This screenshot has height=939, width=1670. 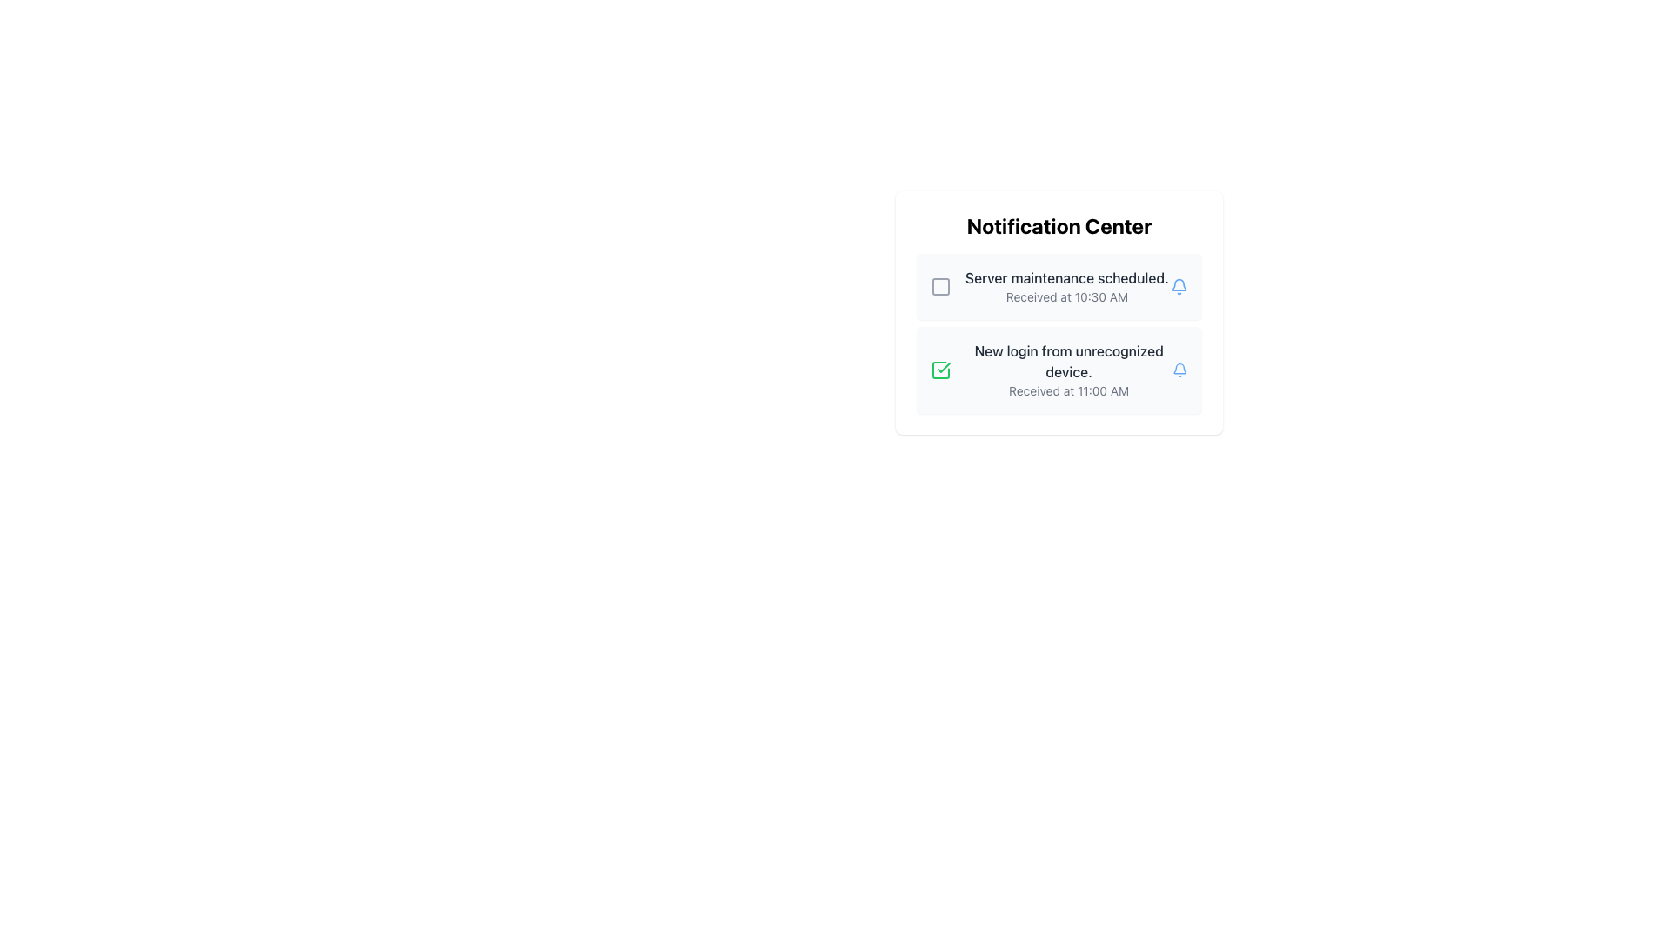 What do you see at coordinates (1180, 369) in the screenshot?
I see `the bell icon with a blue stroke and hollow interior, located in the second notification card next to the text 'New login from unrecognized device.'` at bounding box center [1180, 369].